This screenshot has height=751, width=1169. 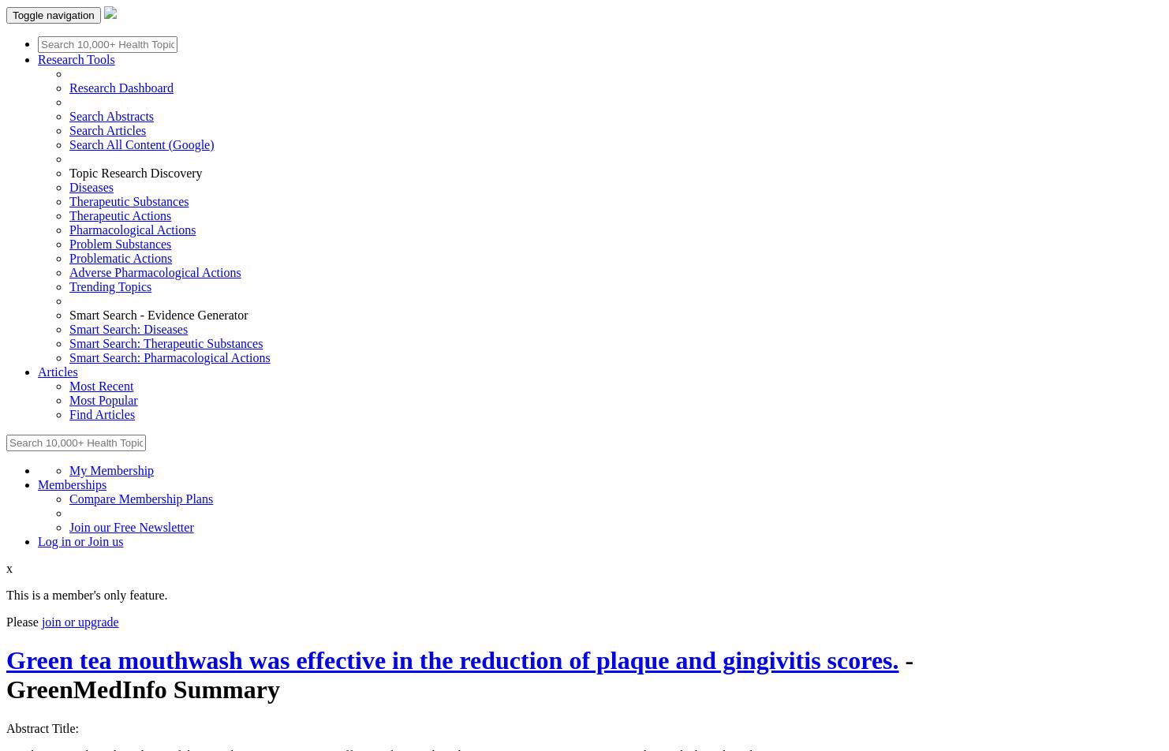 I want to click on 'Abstract Title:', so click(x=42, y=727).